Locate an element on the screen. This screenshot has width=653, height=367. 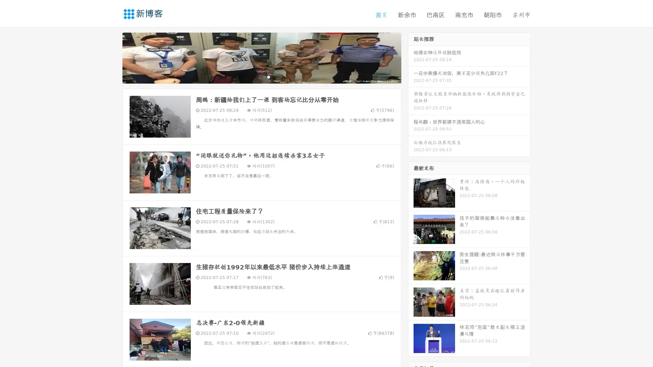
Previous slide is located at coordinates (112, 57).